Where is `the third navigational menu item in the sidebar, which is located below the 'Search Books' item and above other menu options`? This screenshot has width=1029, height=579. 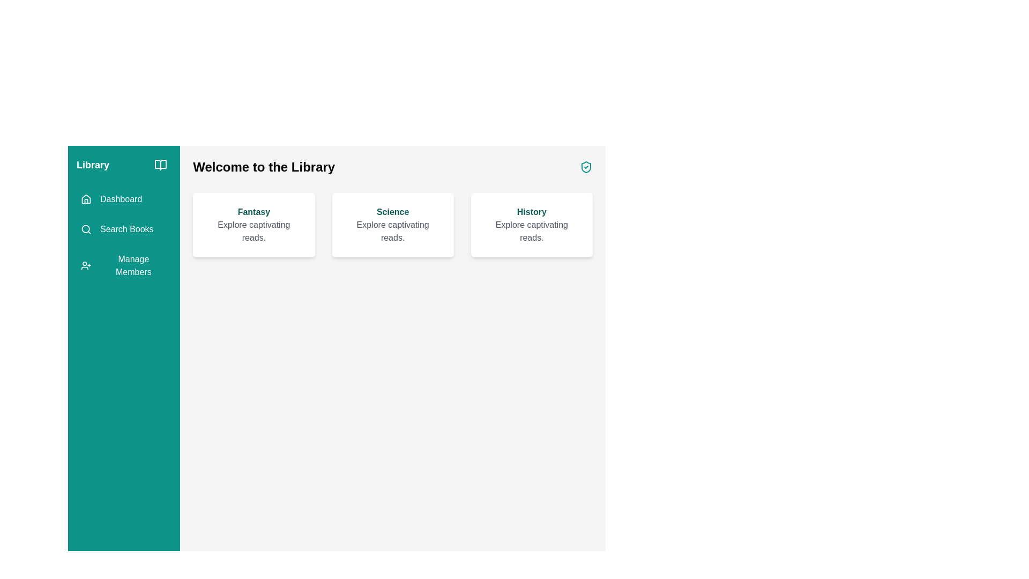
the third navigational menu item in the sidebar, which is located below the 'Search Books' item and above other menu options is located at coordinates (124, 265).